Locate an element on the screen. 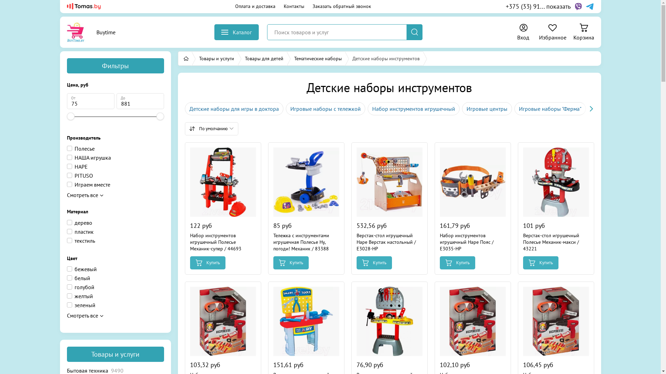  'Viber' is located at coordinates (578, 7).